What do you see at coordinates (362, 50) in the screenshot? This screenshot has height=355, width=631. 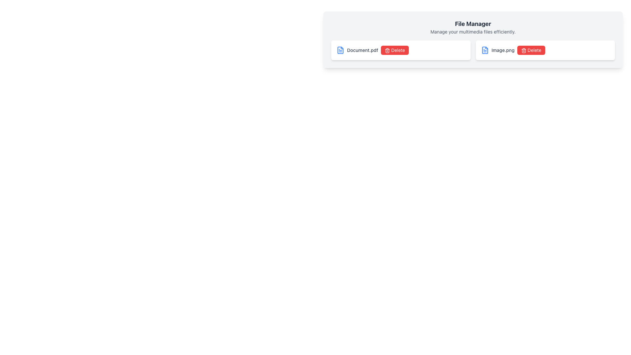 I see `the static text label indicating the file name 'Document.pdf' located in the first file item of the file manager interface` at bounding box center [362, 50].